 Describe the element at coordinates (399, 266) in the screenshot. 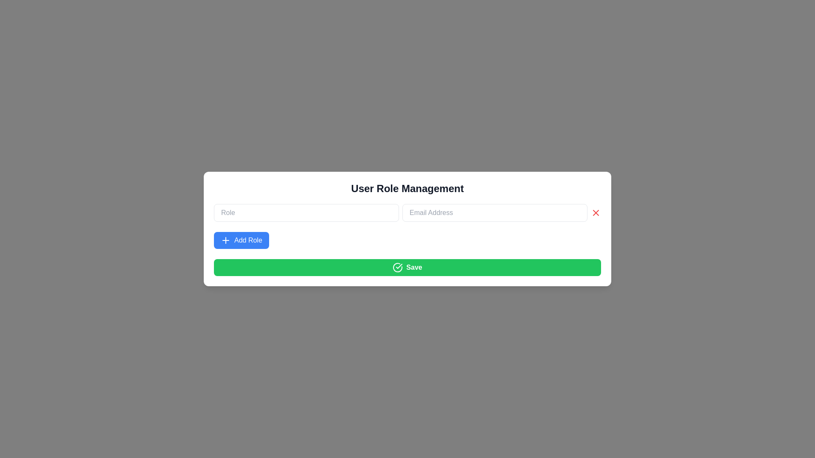

I see `the 'Save' button which encompasses the checkmark icon, confirming the action within the modal titled 'User Role Management'` at that location.